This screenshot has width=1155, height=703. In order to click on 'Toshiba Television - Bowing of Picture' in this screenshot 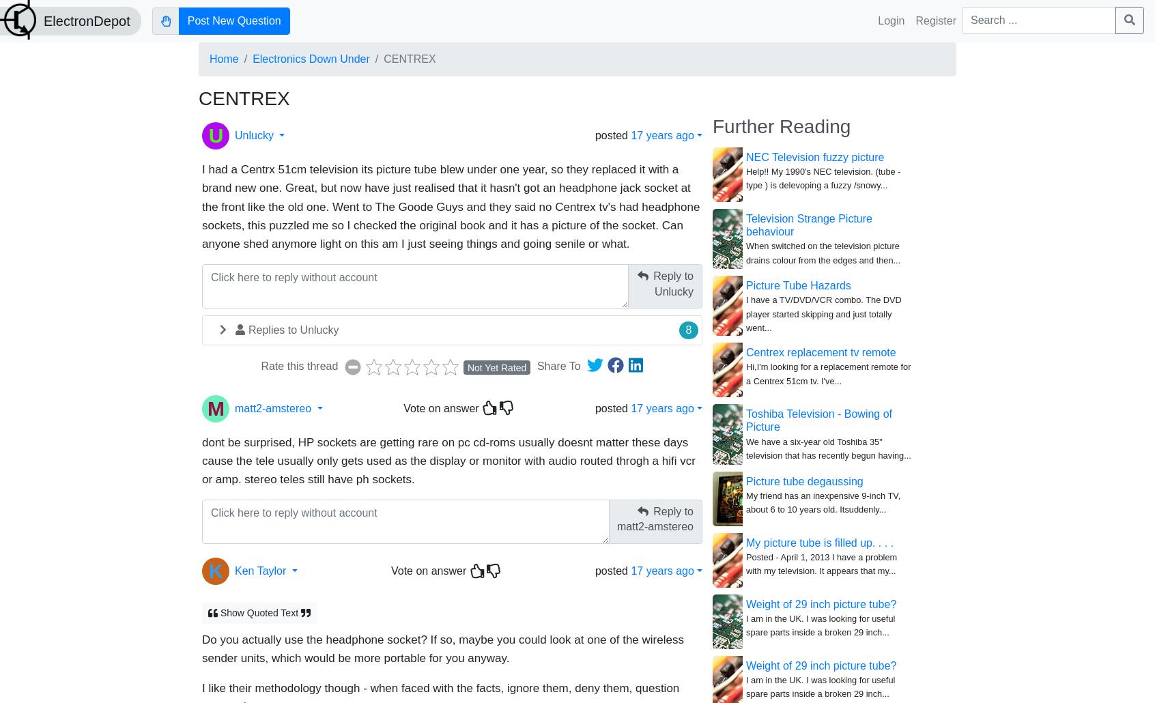, I will do `click(818, 420)`.